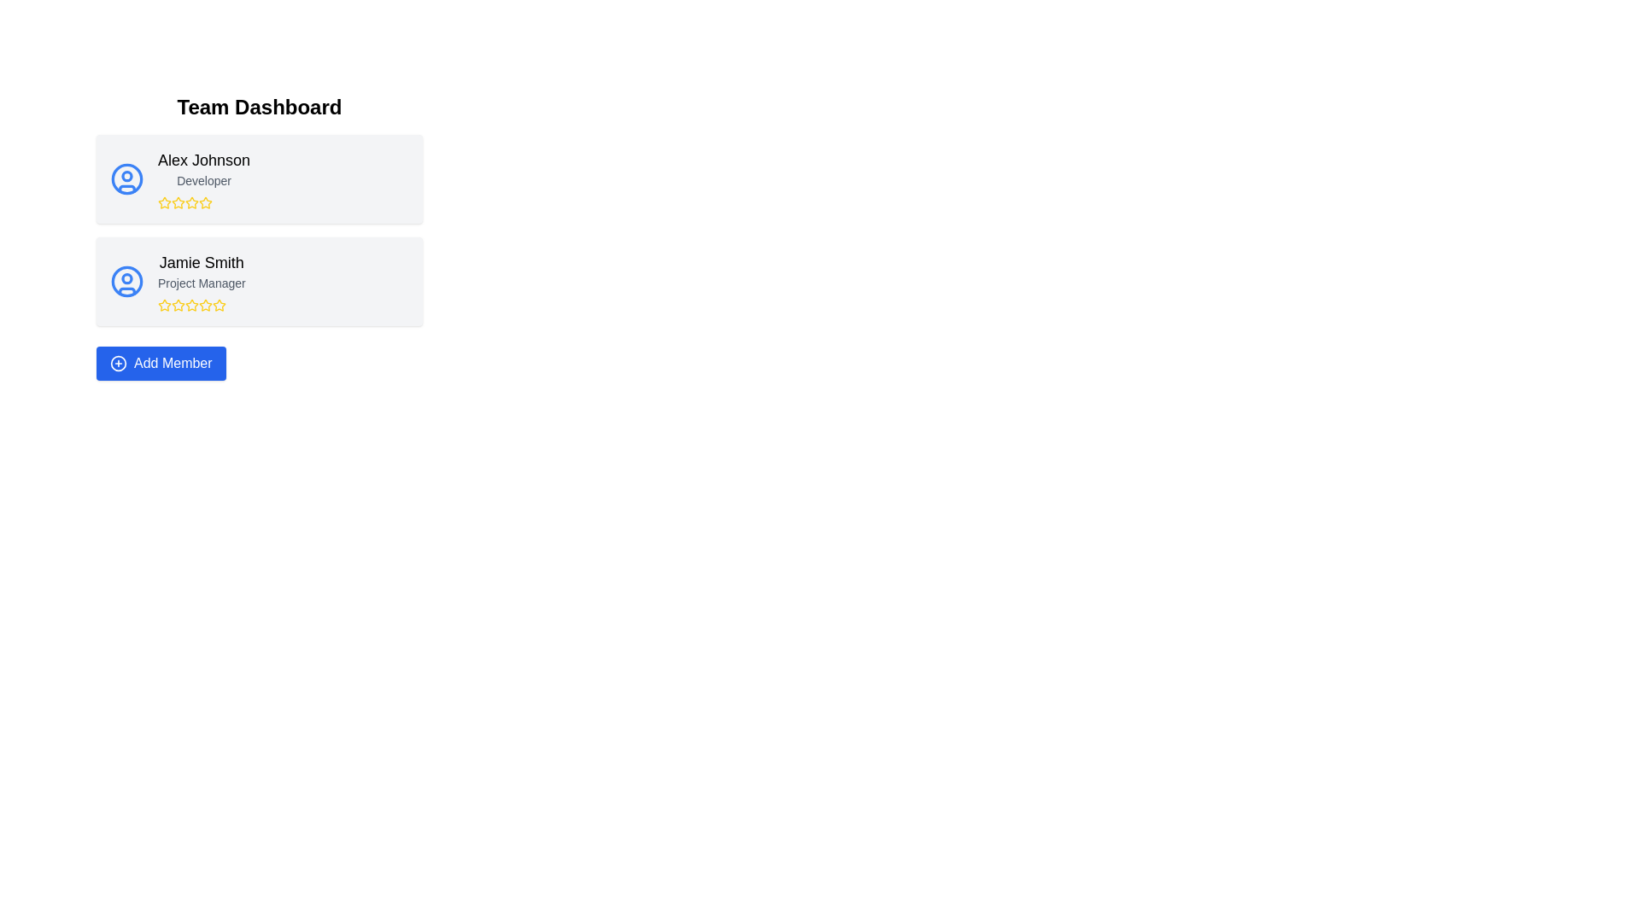 This screenshot has height=922, width=1640. What do you see at coordinates (179, 201) in the screenshot?
I see `the second star` at bounding box center [179, 201].